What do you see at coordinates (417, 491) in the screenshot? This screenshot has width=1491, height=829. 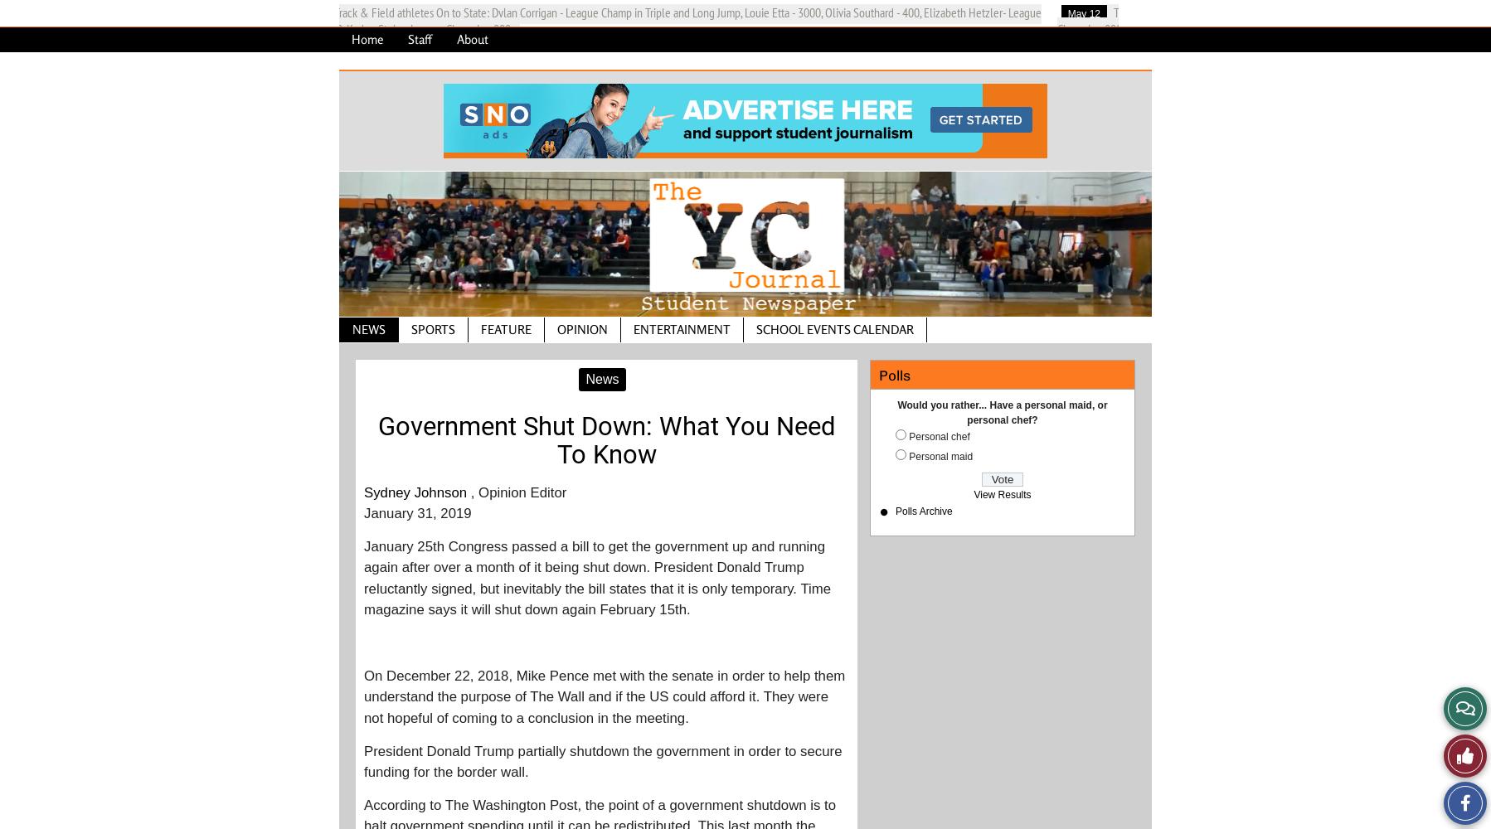 I see `'Sydney Johnson'` at bounding box center [417, 491].